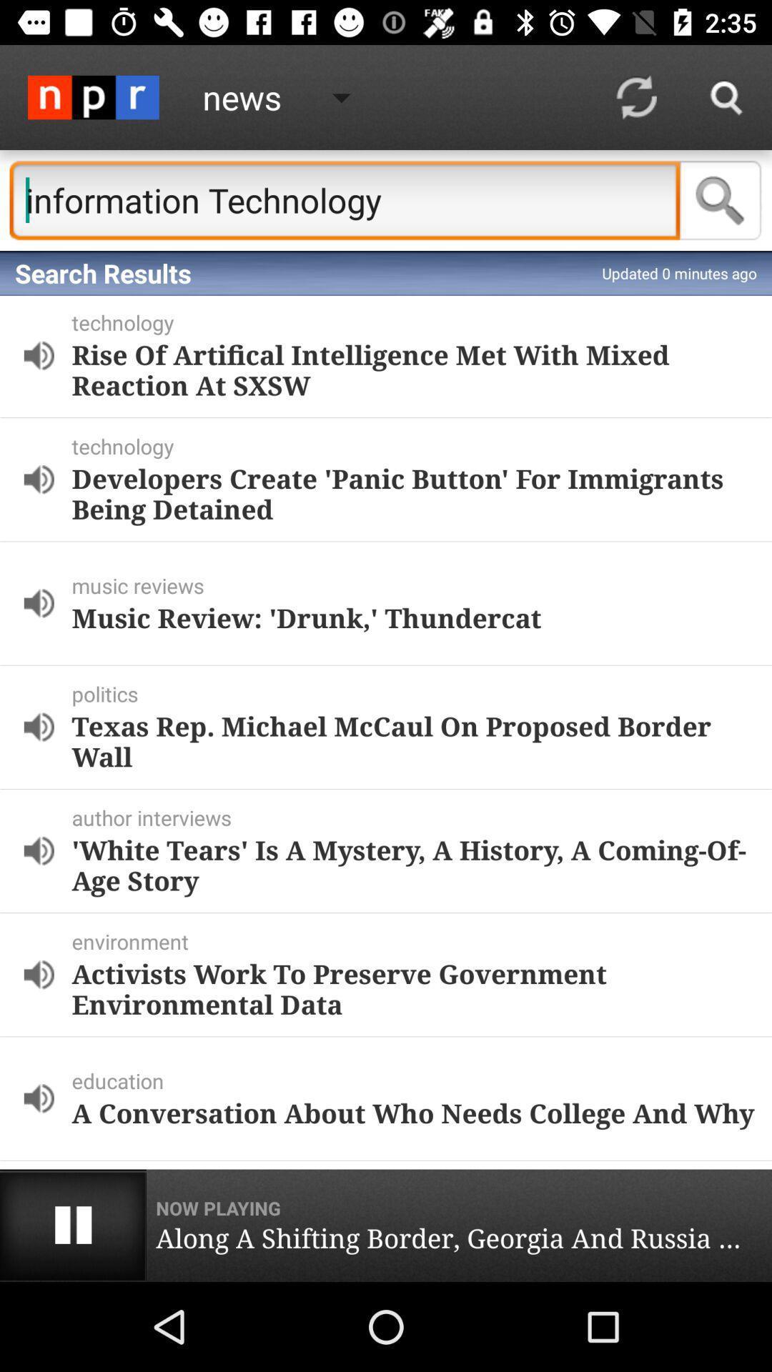 This screenshot has height=1372, width=772. Describe the element at coordinates (418, 1080) in the screenshot. I see `the icon below the activists work to icon` at that location.